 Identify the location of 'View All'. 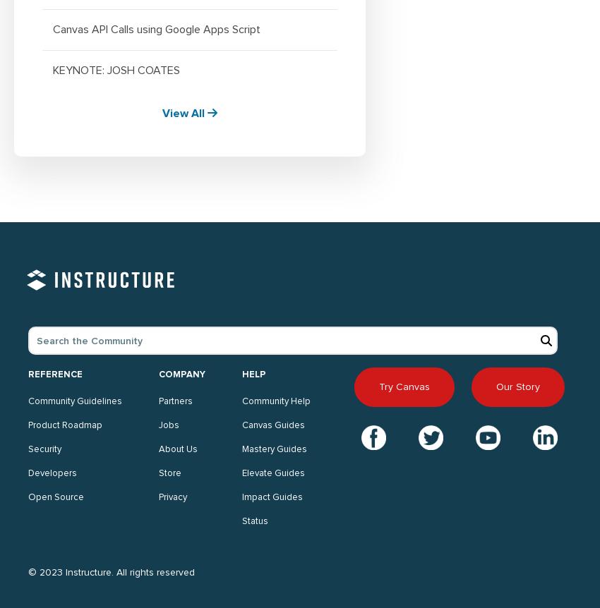
(184, 112).